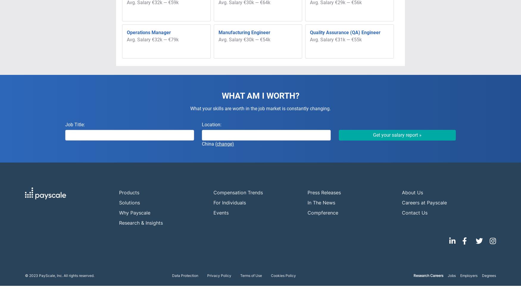 Image resolution: width=521 pixels, height=290 pixels. I want to click on 'Research & Insights', so click(141, 223).